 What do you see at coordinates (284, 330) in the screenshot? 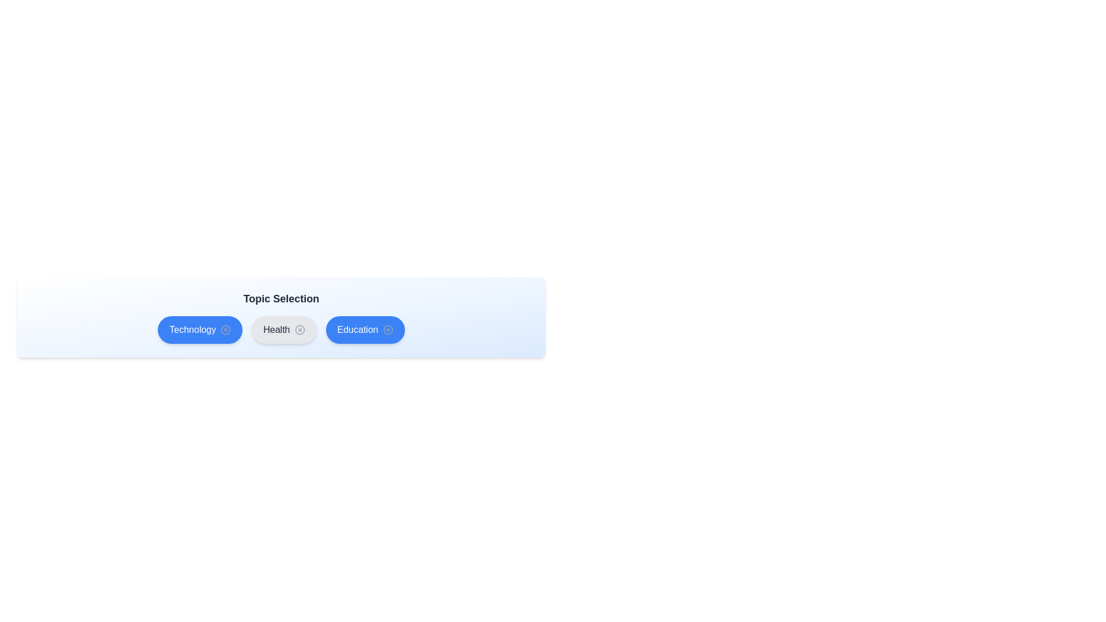
I see `the topic Health by clicking on it` at bounding box center [284, 330].